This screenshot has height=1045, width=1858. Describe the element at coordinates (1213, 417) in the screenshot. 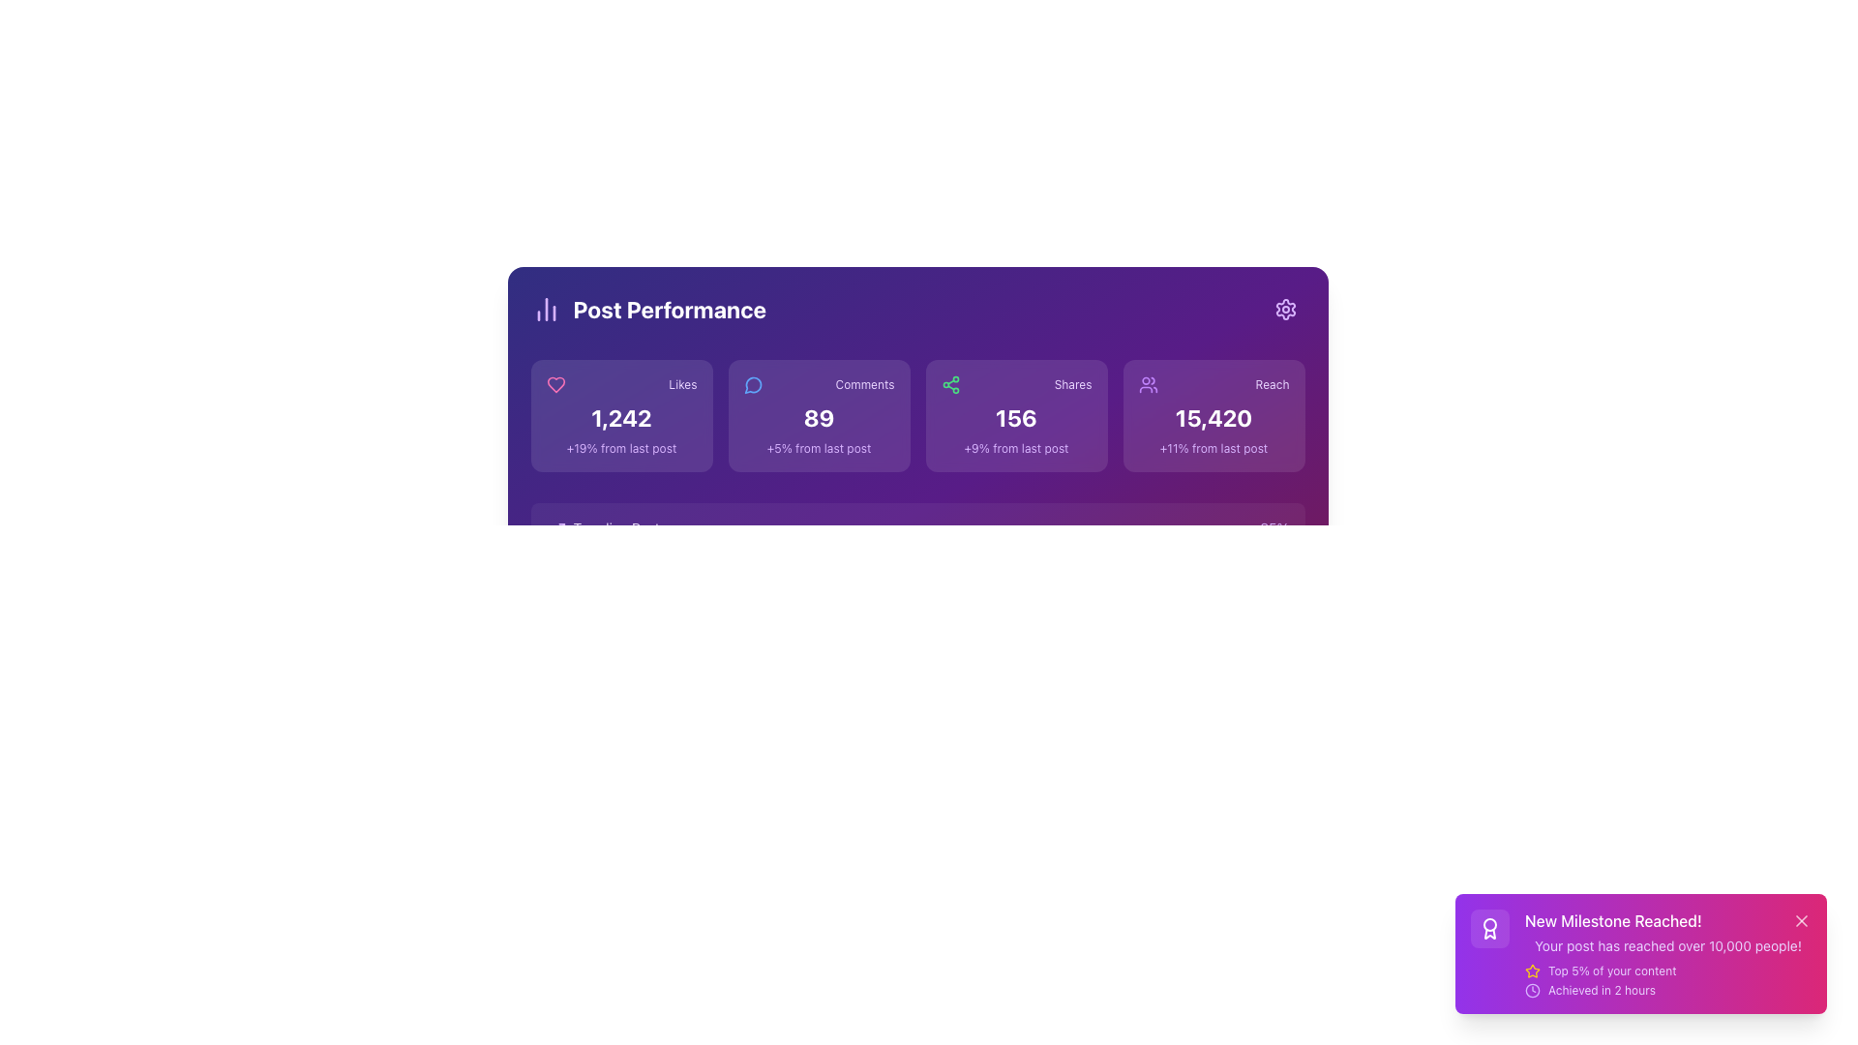

I see `the large, bold numeric text '15,420' styled in white color, which is centered within a purple rectangle in the rightmost card of the row, positioned below the heading 'Reach'` at that location.